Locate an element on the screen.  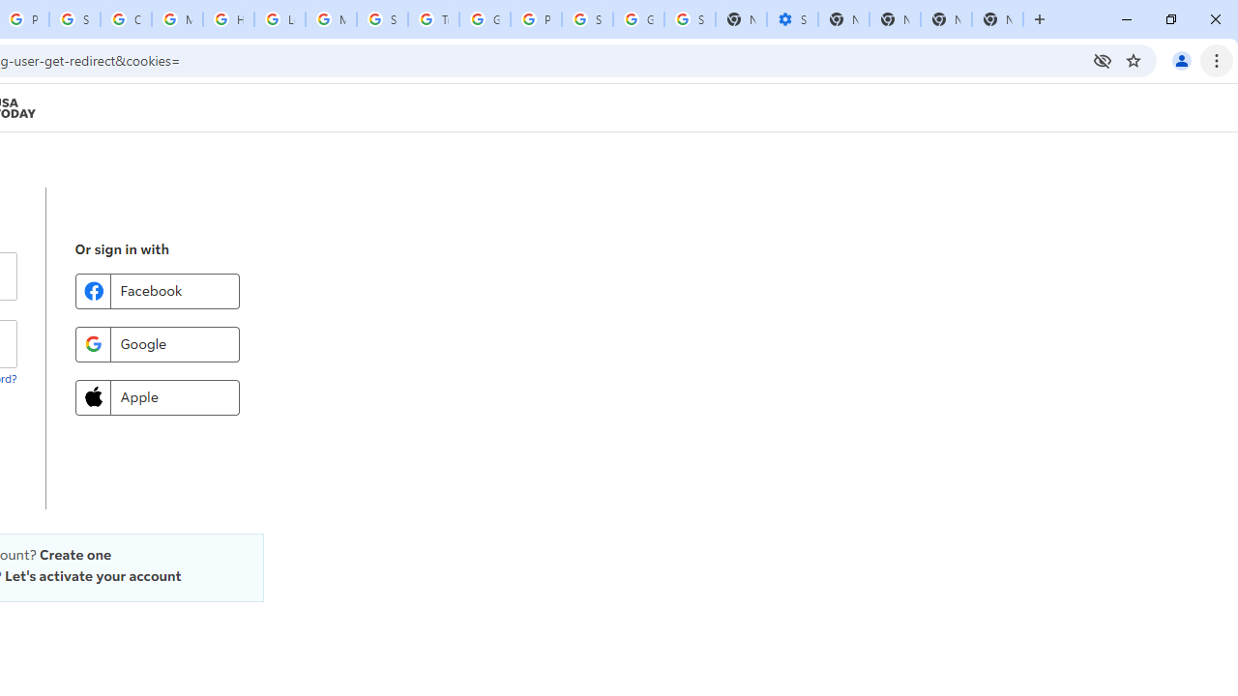
'New Tab' is located at coordinates (1039, 19).